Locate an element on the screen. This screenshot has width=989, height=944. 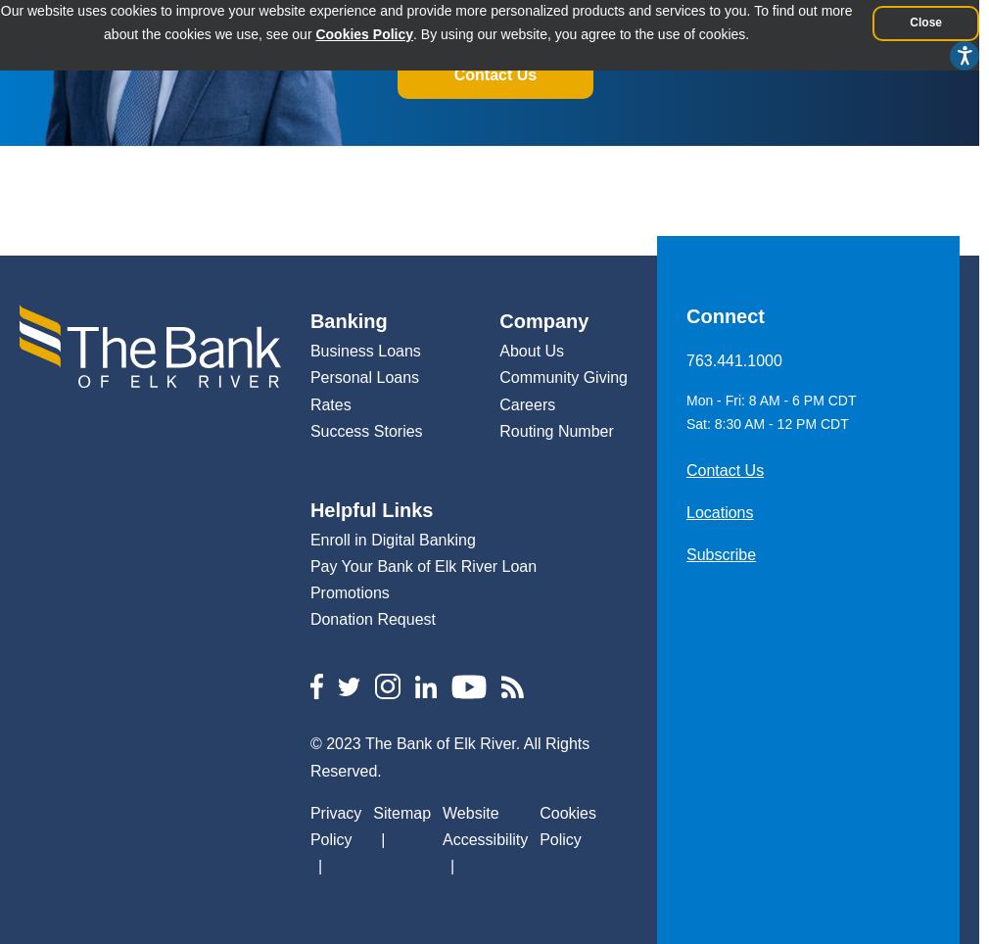
'Privacy Policy' is located at coordinates (335, 825).